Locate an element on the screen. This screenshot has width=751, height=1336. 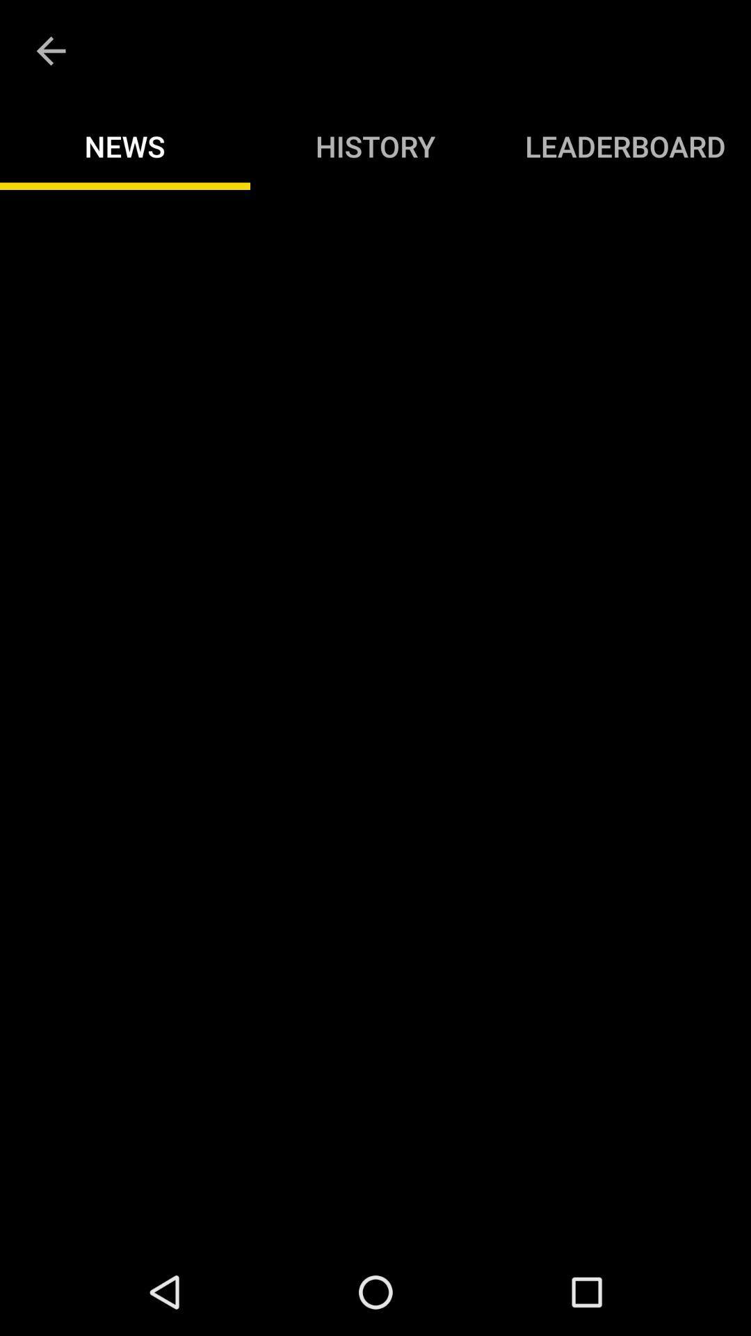
color page is located at coordinates (375, 719).